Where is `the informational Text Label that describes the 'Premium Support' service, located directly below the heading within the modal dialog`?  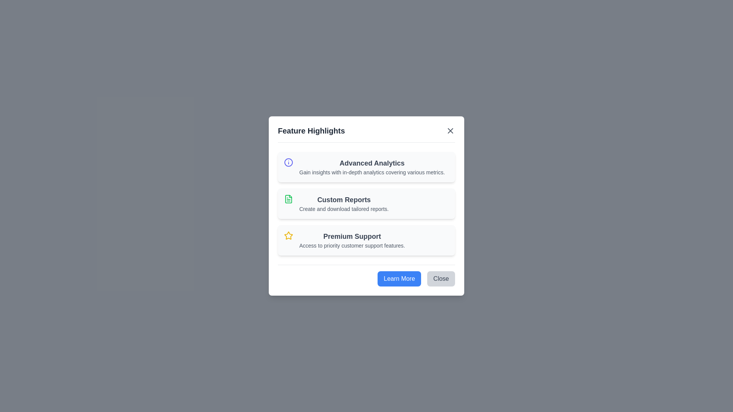 the informational Text Label that describes the 'Premium Support' service, located directly below the heading within the modal dialog is located at coordinates (352, 246).